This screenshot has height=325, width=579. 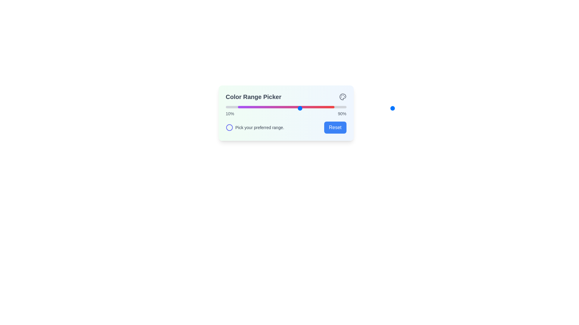 I want to click on the slider value, so click(x=340, y=107).